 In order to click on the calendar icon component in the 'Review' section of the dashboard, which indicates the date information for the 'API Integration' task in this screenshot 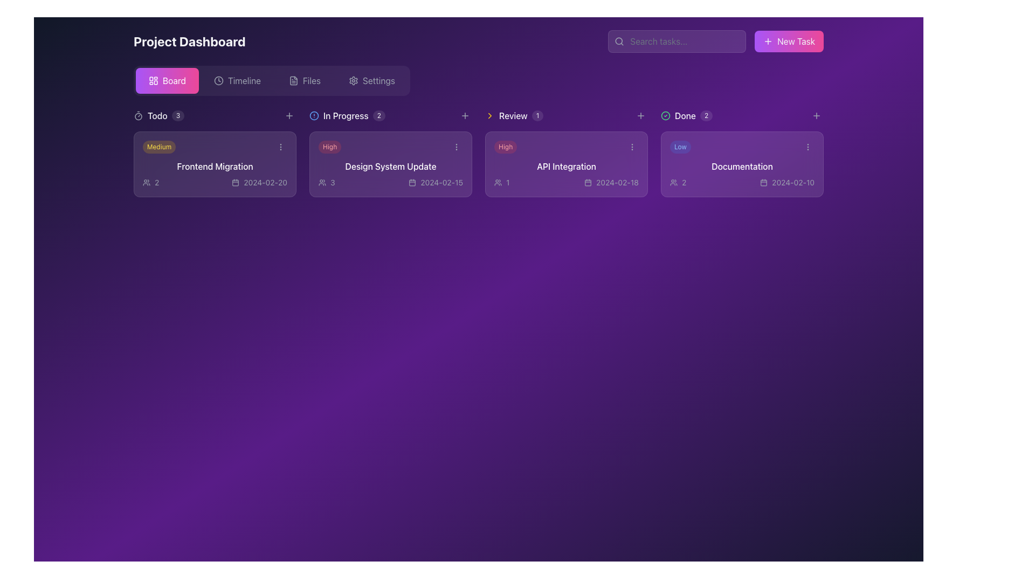, I will do `click(588, 182)`.